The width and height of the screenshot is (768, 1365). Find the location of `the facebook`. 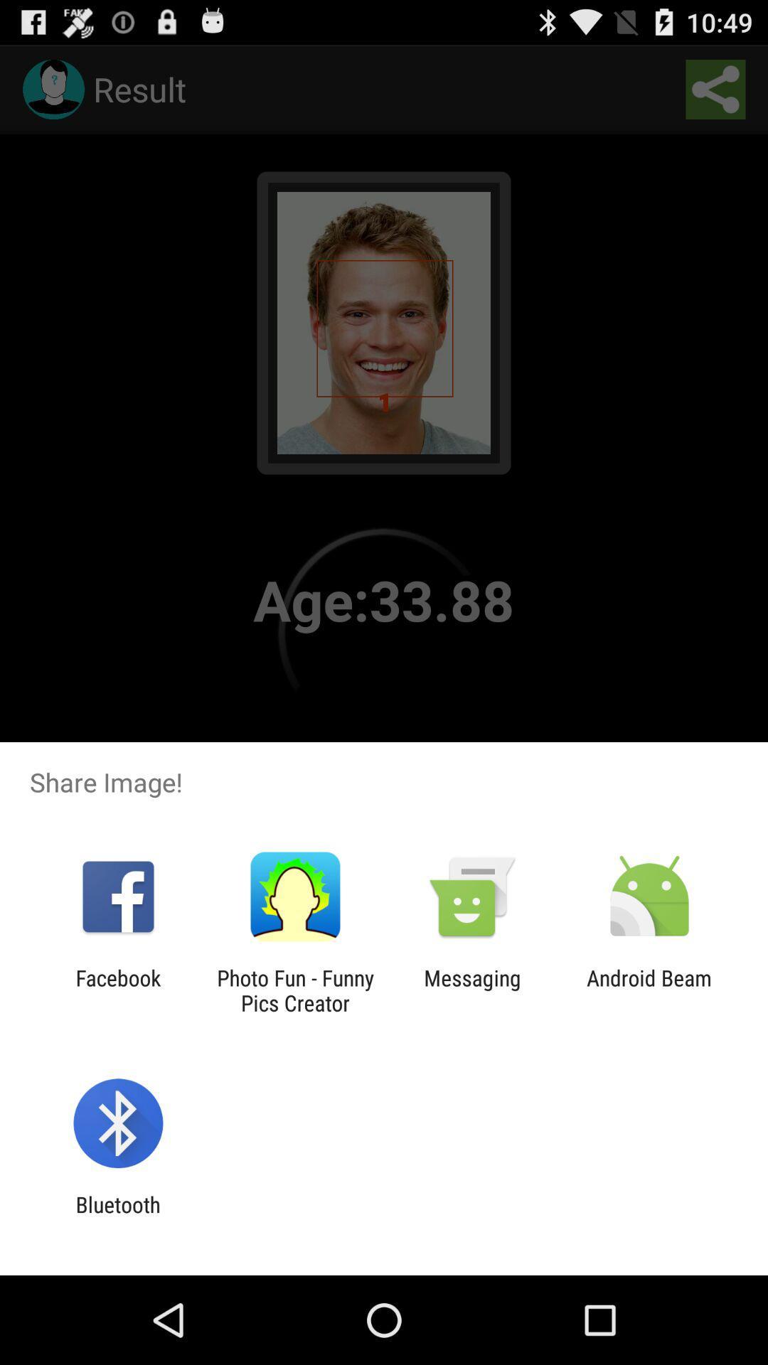

the facebook is located at coordinates (117, 990).